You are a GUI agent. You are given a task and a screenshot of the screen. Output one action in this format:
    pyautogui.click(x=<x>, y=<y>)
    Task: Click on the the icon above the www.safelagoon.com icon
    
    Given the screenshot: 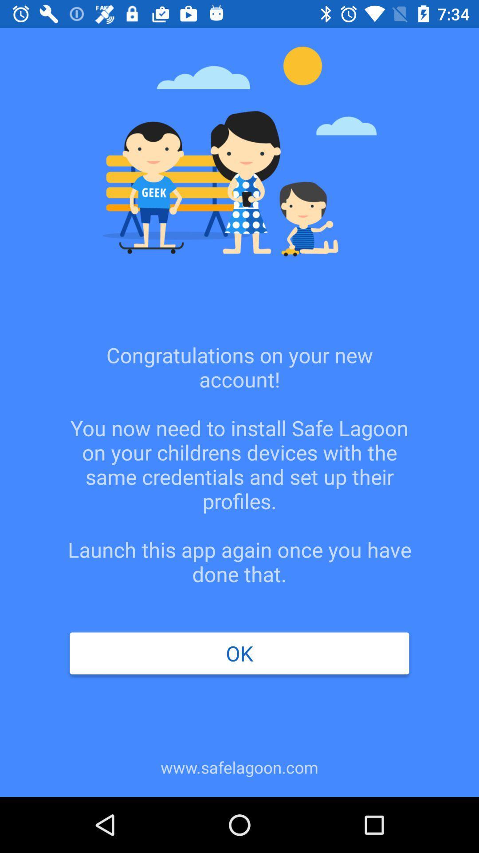 What is the action you would take?
    pyautogui.click(x=239, y=653)
    